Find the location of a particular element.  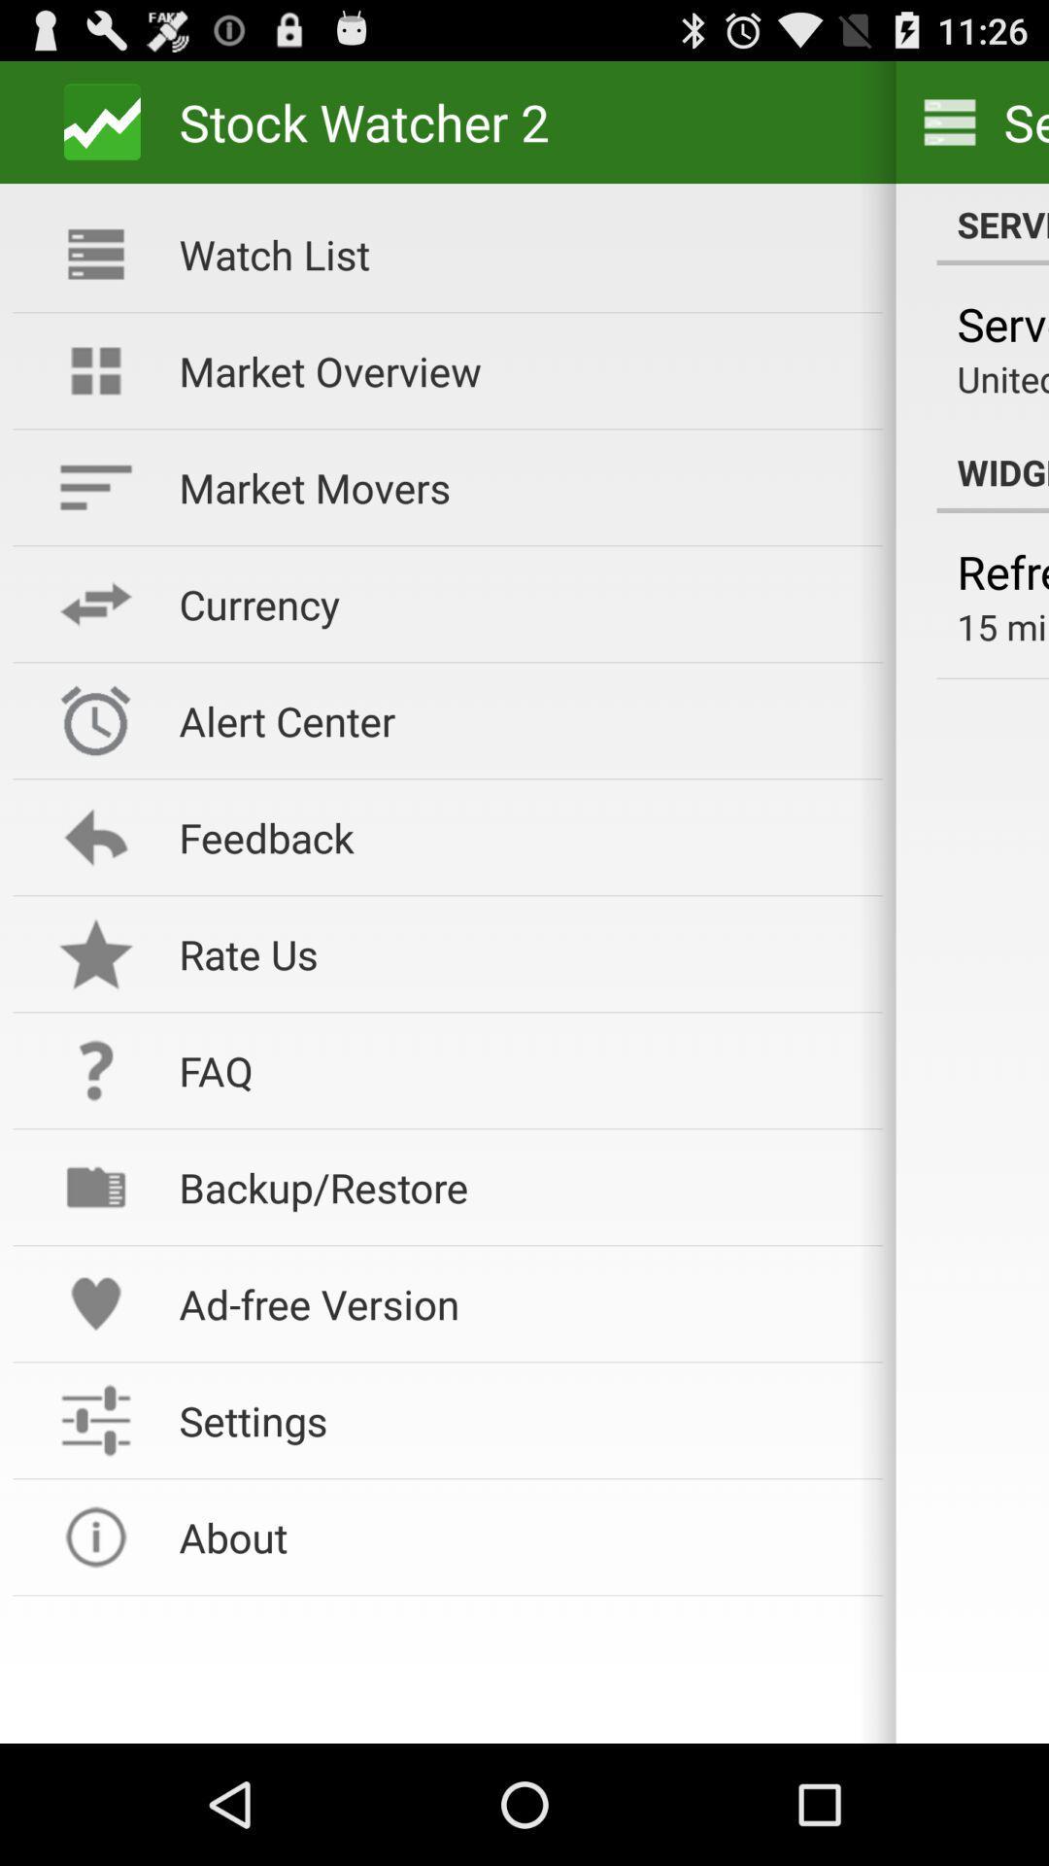

item next to market overview icon is located at coordinates (1002, 378).